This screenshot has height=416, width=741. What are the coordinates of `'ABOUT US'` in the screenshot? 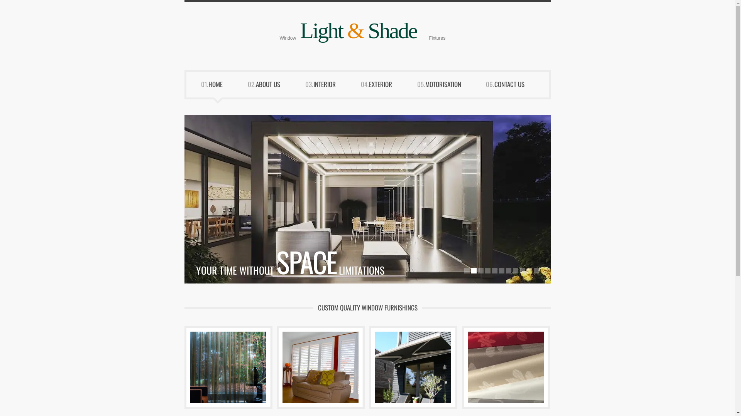 It's located at (273, 87).